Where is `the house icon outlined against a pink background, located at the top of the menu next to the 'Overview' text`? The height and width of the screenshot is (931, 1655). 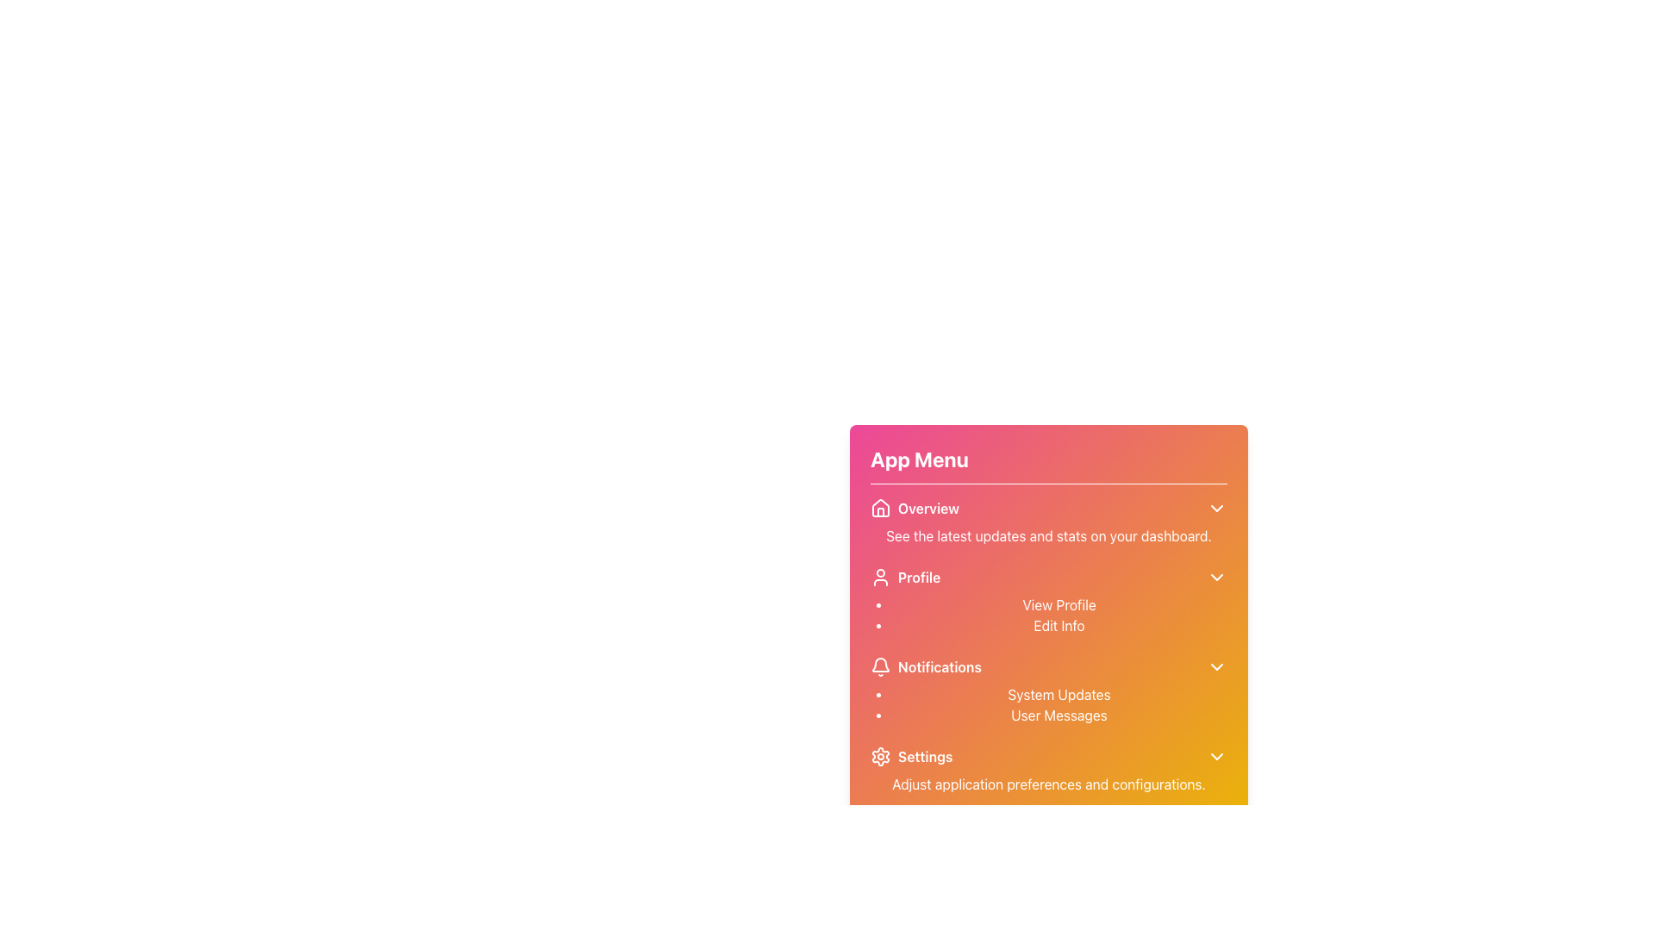
the house icon outlined against a pink background, located at the top of the menu next to the 'Overview' text is located at coordinates (881, 508).